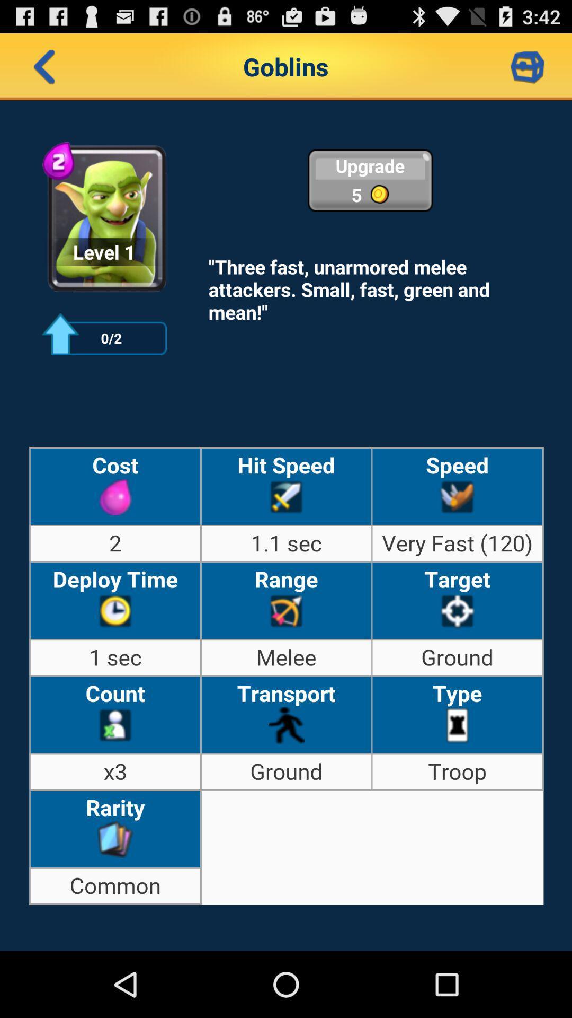 The width and height of the screenshot is (572, 1018). I want to click on go back, so click(44, 66).